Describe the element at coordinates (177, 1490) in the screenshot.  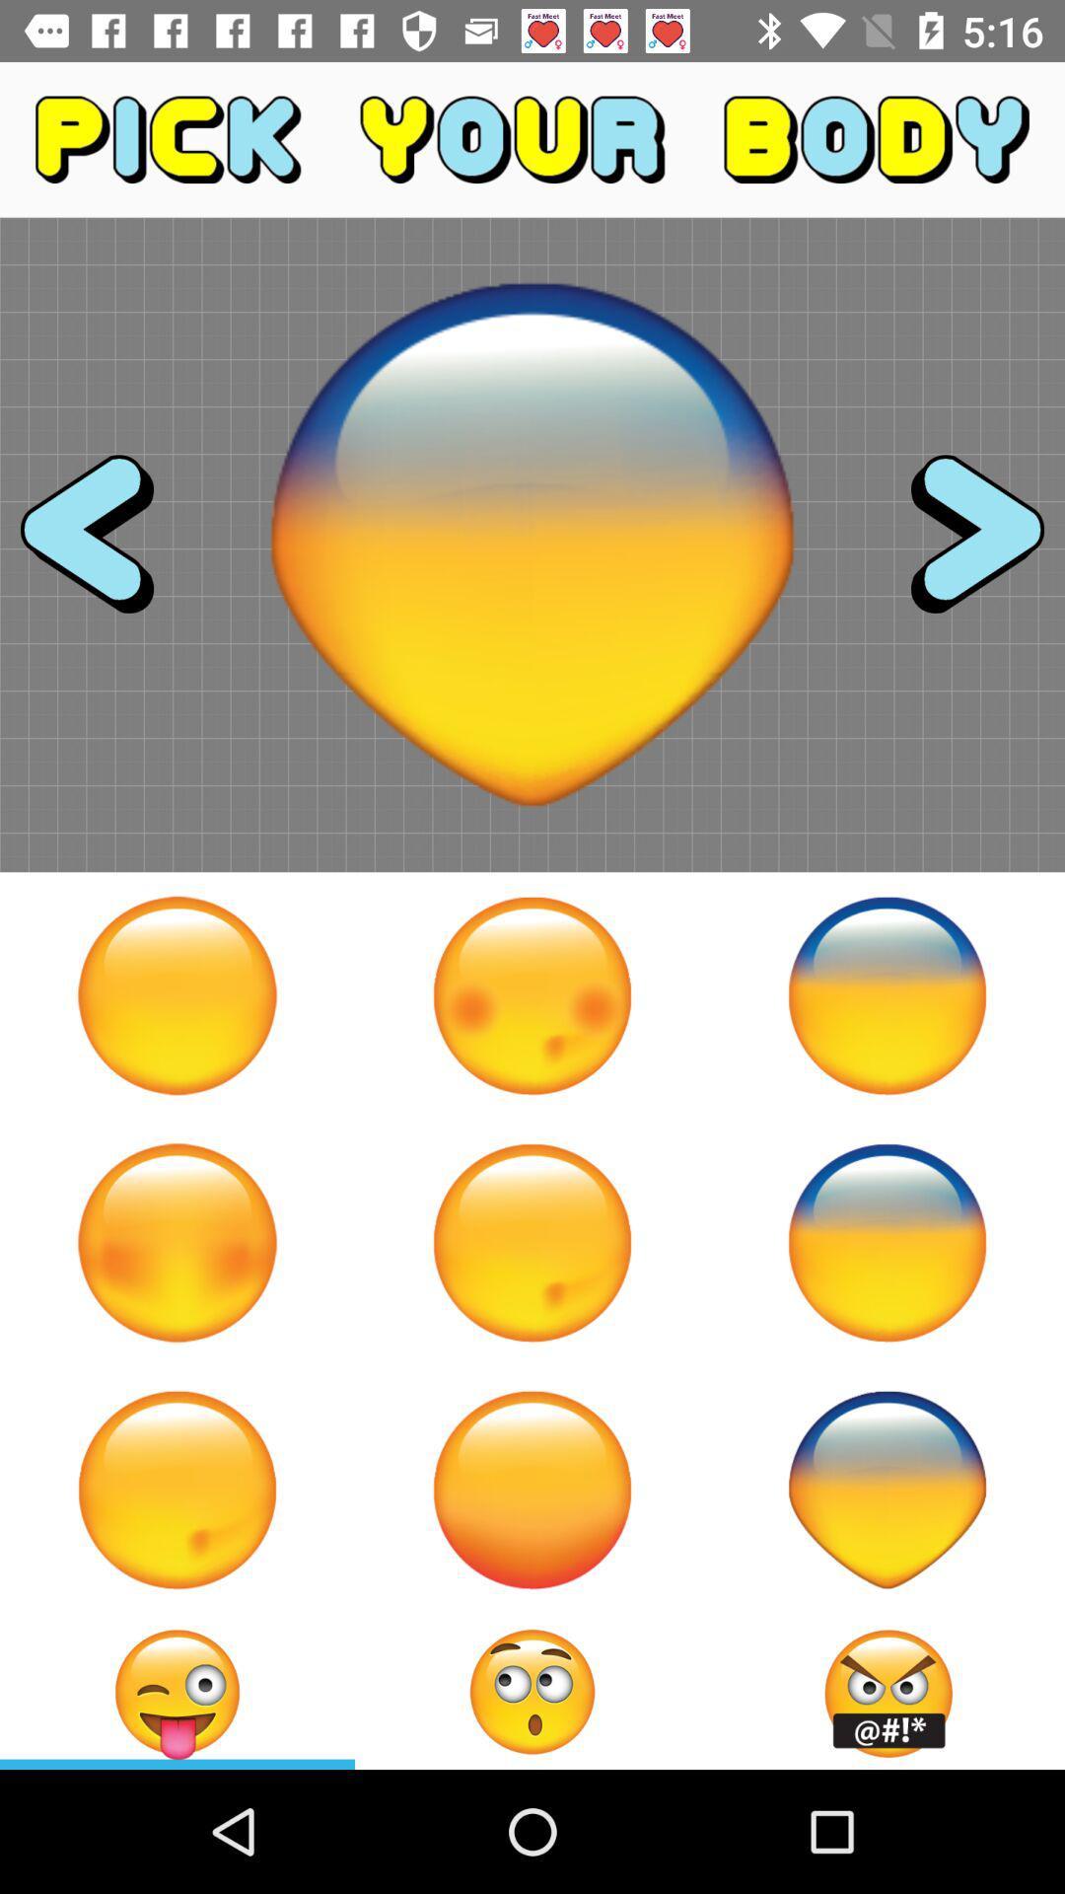
I see `body shape for smiley` at that location.